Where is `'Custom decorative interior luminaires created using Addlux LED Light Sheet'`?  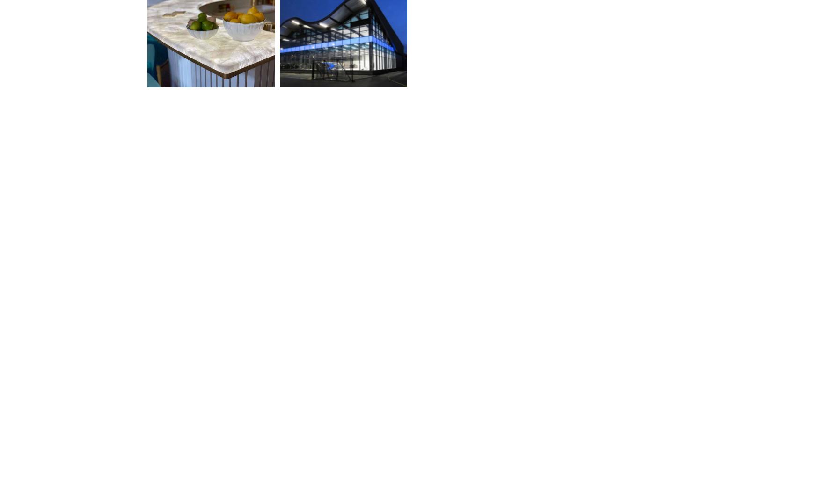 'Custom decorative interior luminaires created using Addlux LED Light Sheet' is located at coordinates (606, 135).